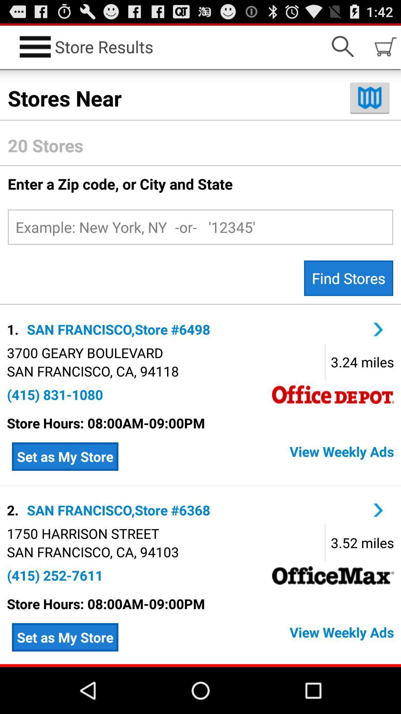  Describe the element at coordinates (200, 226) in the screenshot. I see `edit address text` at that location.